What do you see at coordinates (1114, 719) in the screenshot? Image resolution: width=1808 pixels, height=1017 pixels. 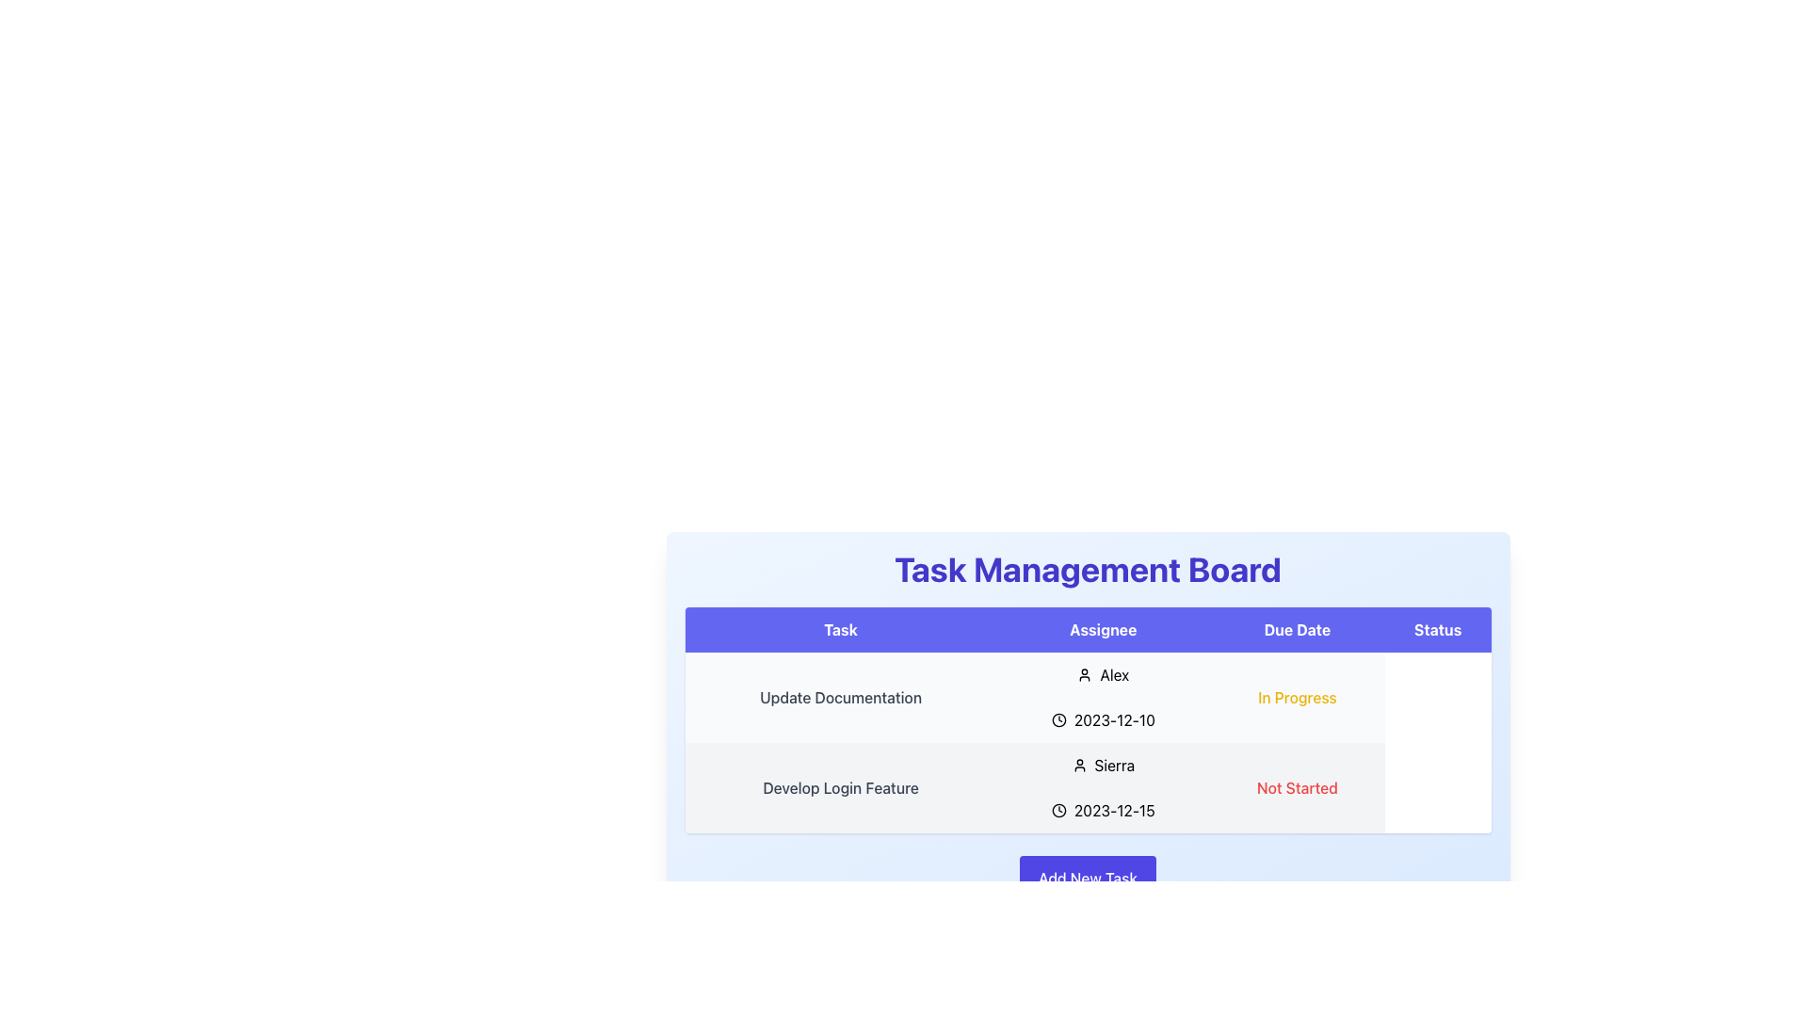 I see `due date displayed in the text label for the task 'Update Documentation' assigned to 'Alex', located in the 'Due Date' column of the task management board interface` at bounding box center [1114, 719].